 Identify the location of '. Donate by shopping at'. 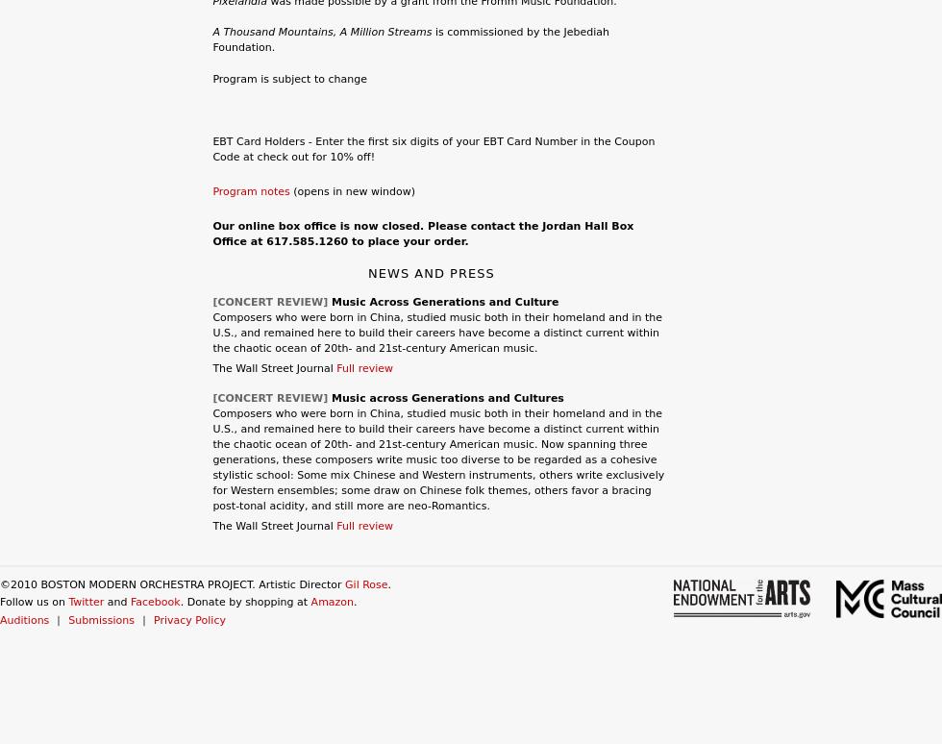
(244, 601).